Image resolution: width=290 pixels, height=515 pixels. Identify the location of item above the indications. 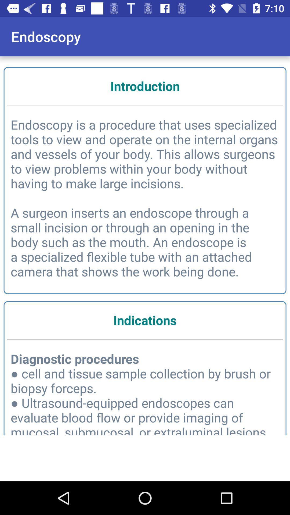
(145, 198).